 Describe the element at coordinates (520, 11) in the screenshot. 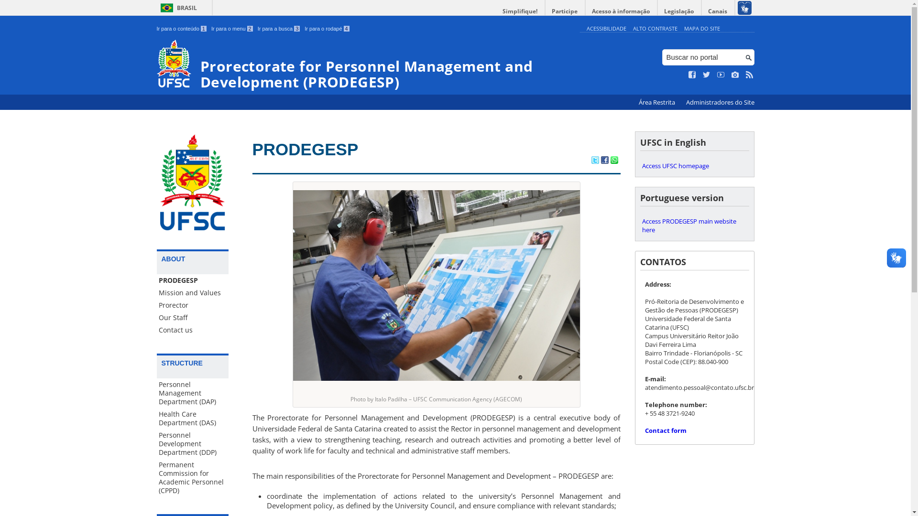

I see `'Simplifique!'` at that location.